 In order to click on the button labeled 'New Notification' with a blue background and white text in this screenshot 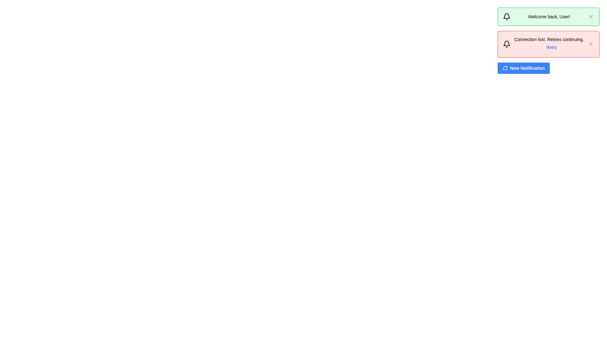, I will do `click(524, 68)`.